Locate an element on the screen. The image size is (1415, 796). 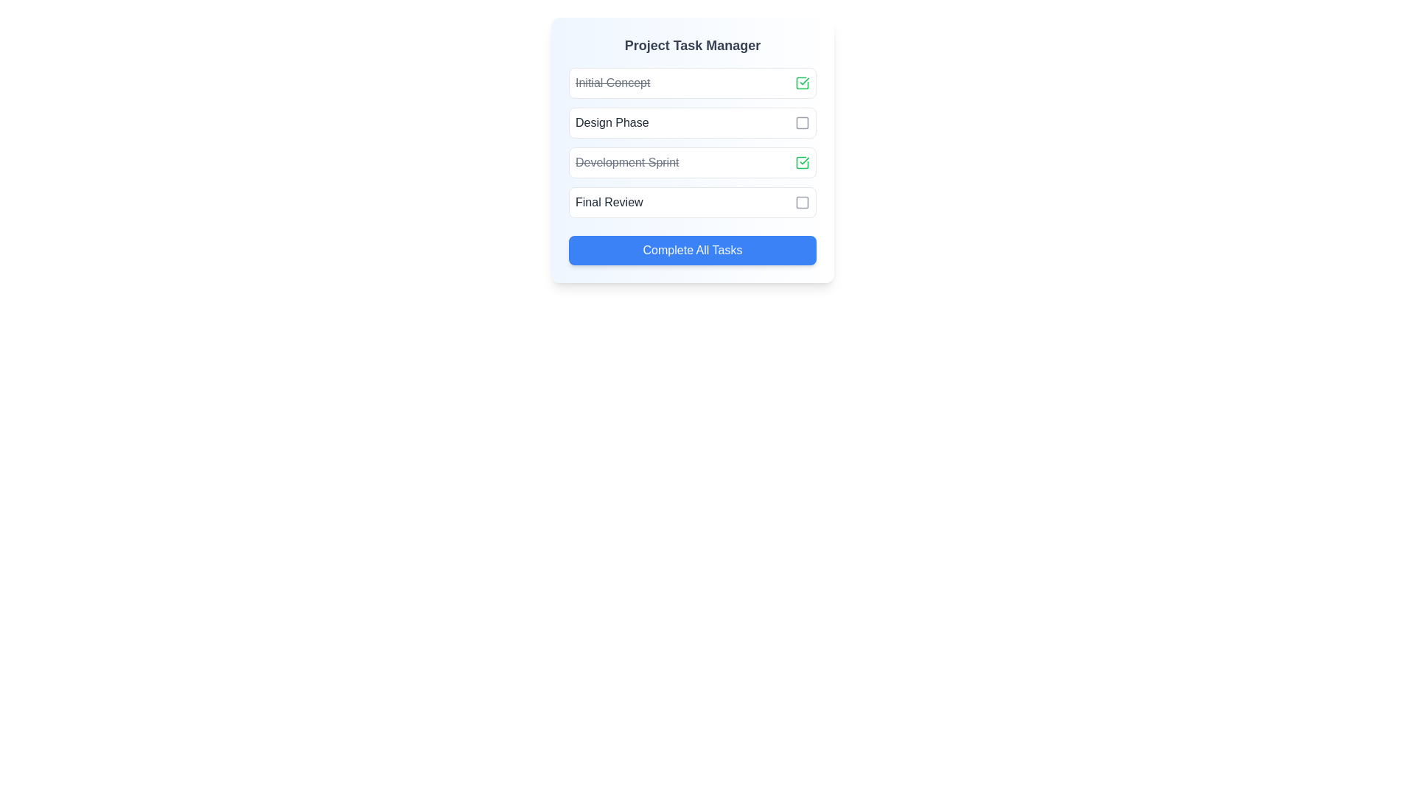
the 'Initial Concept' task item in the Project Task Manager interface is located at coordinates (692, 83).